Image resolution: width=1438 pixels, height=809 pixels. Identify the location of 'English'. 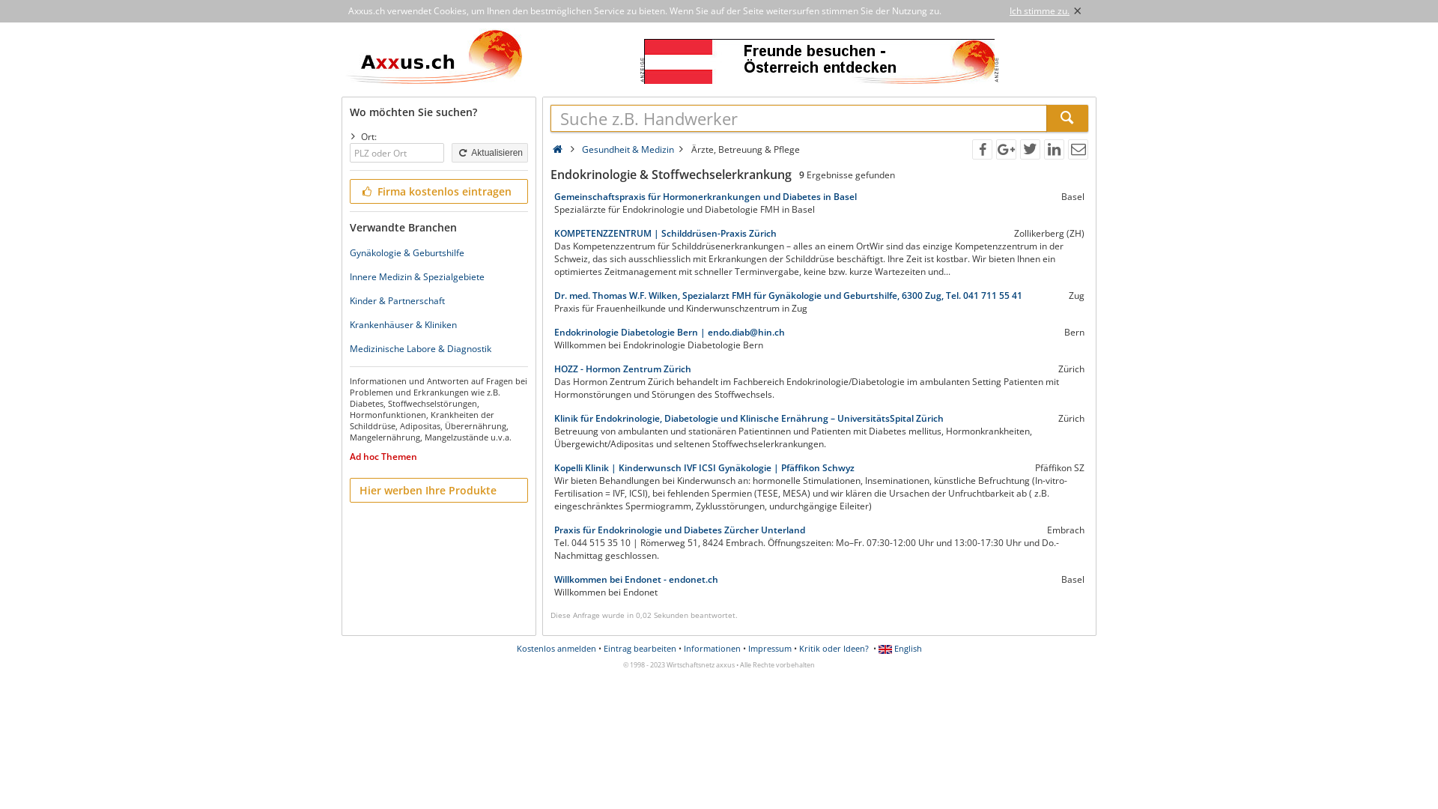
(899, 647).